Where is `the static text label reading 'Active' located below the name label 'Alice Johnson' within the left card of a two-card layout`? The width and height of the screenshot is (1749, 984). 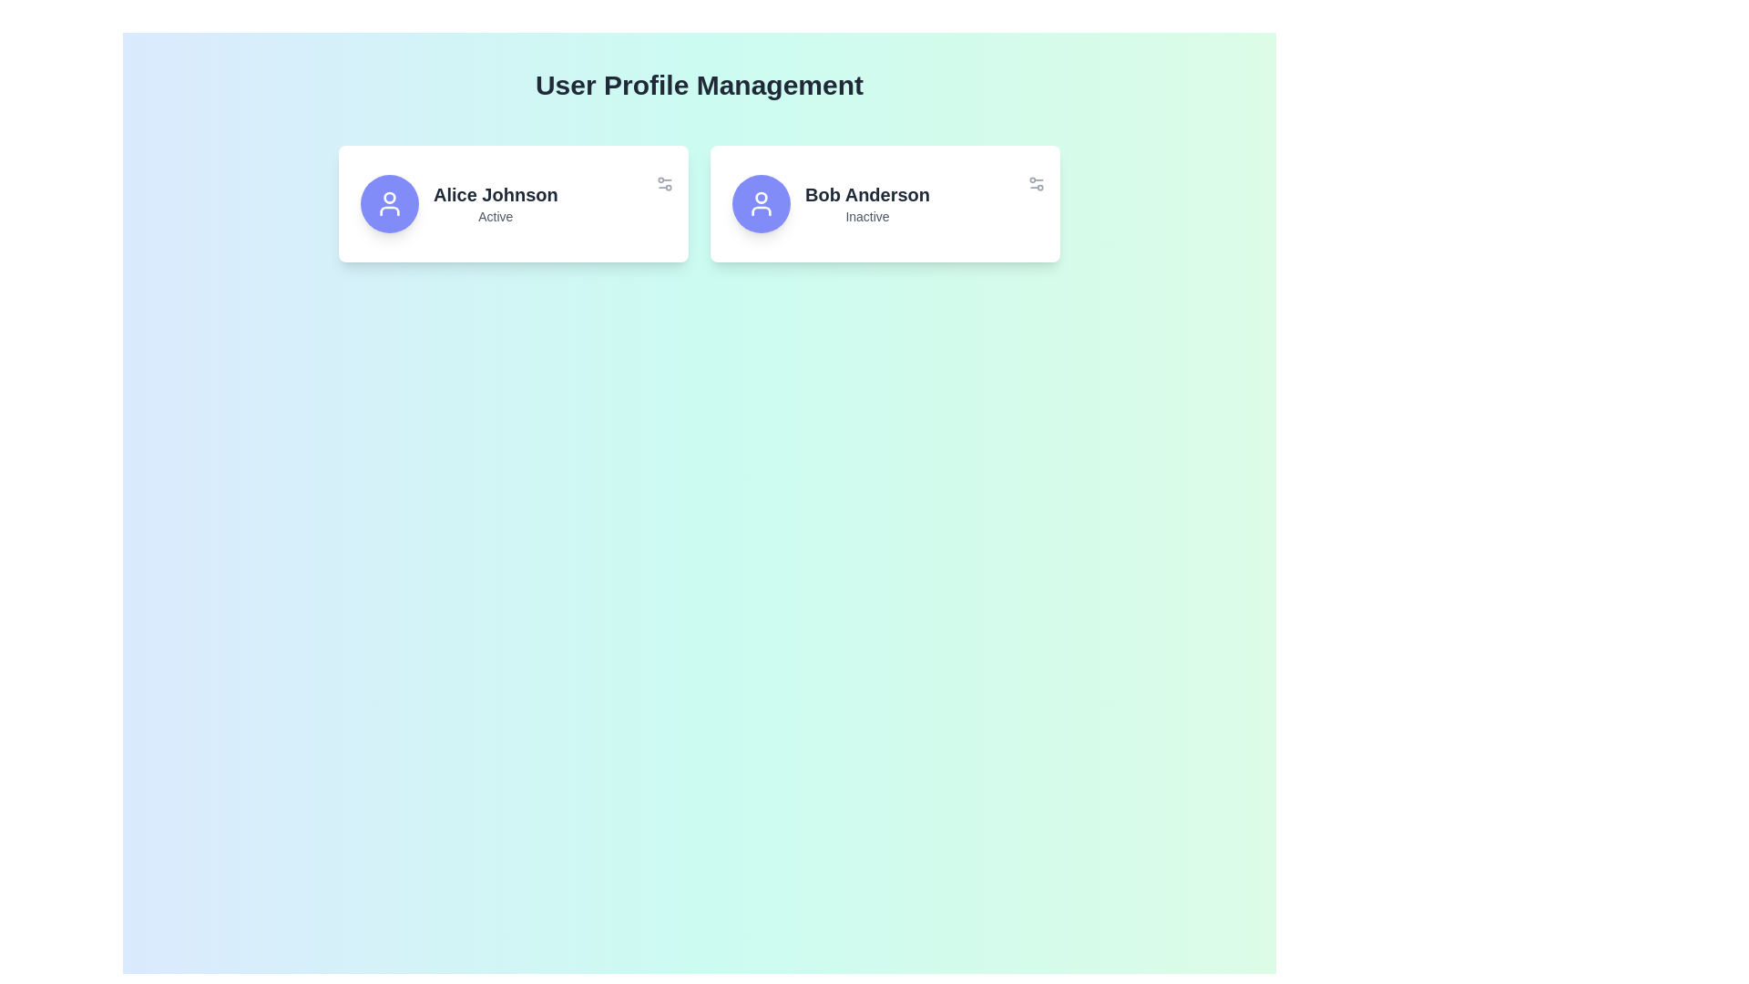
the static text label reading 'Active' located below the name label 'Alice Johnson' within the left card of a two-card layout is located at coordinates (496, 216).